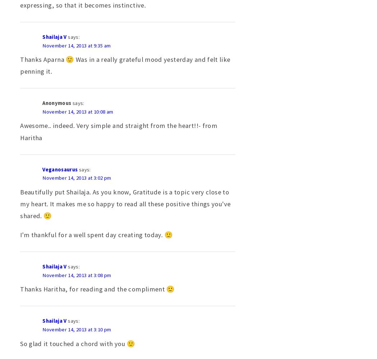 The height and width of the screenshot is (359, 377). Describe the element at coordinates (77, 111) in the screenshot. I see `'November 14, 2013 at 10:08 am'` at that location.